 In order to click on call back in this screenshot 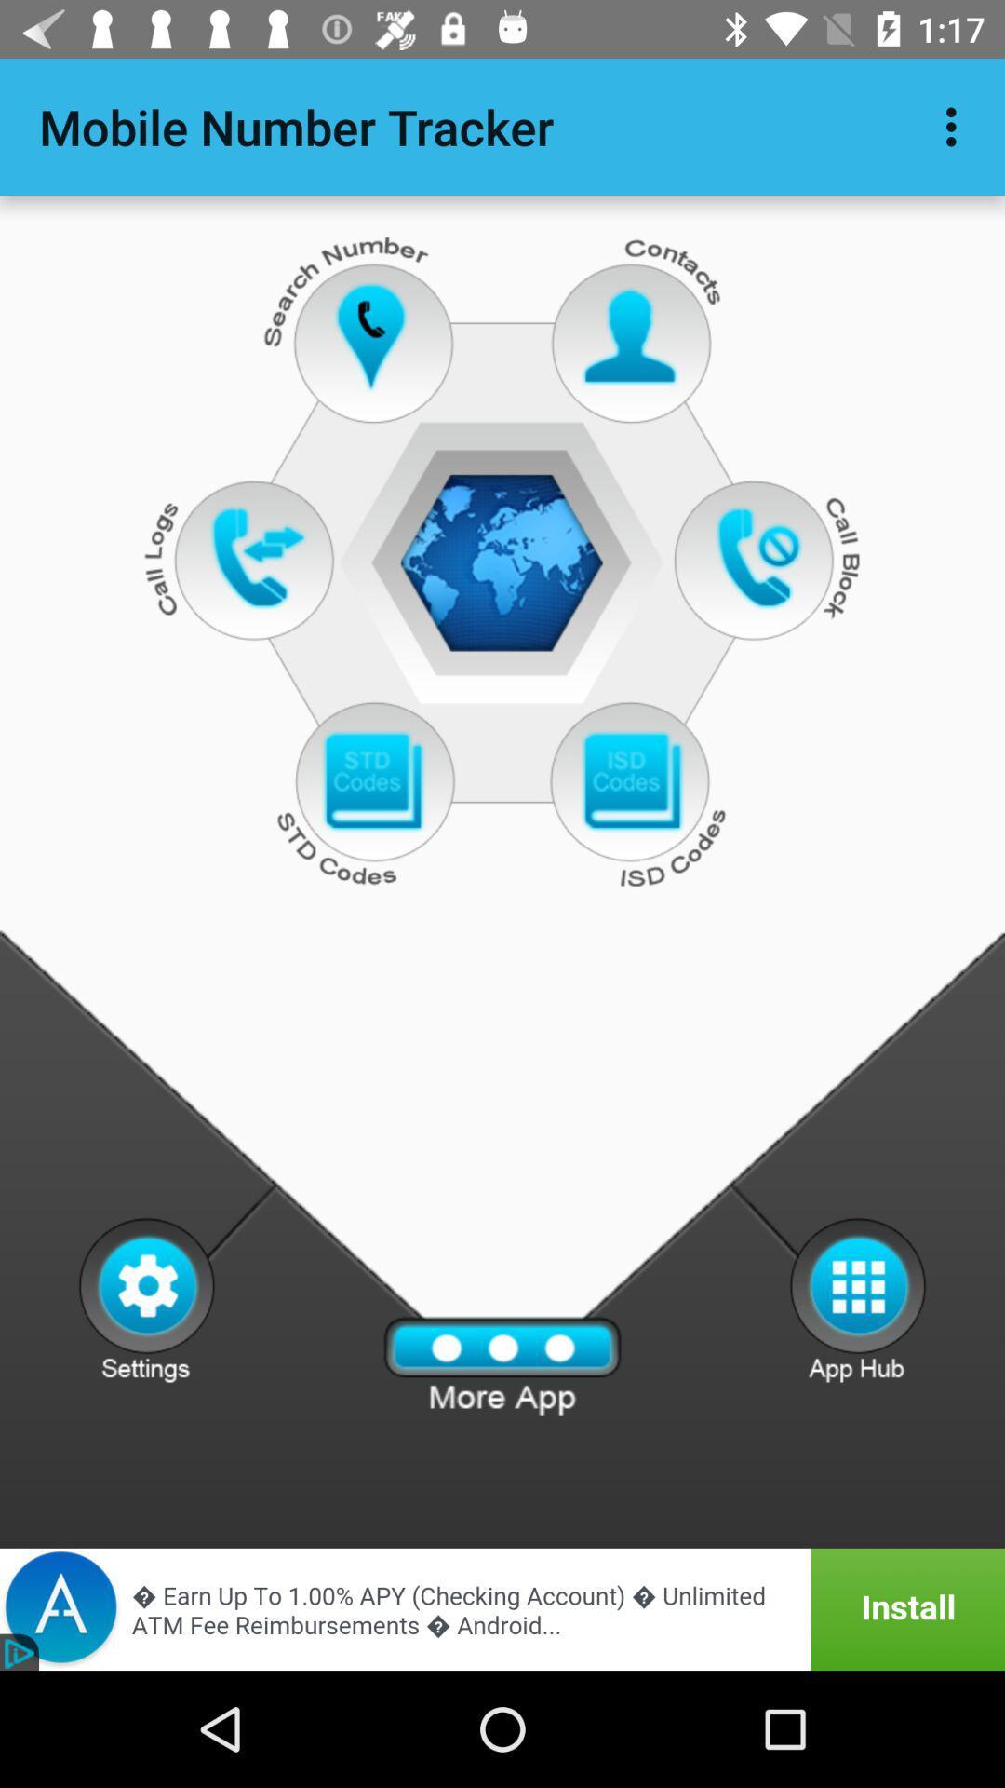, I will do `click(763, 556)`.